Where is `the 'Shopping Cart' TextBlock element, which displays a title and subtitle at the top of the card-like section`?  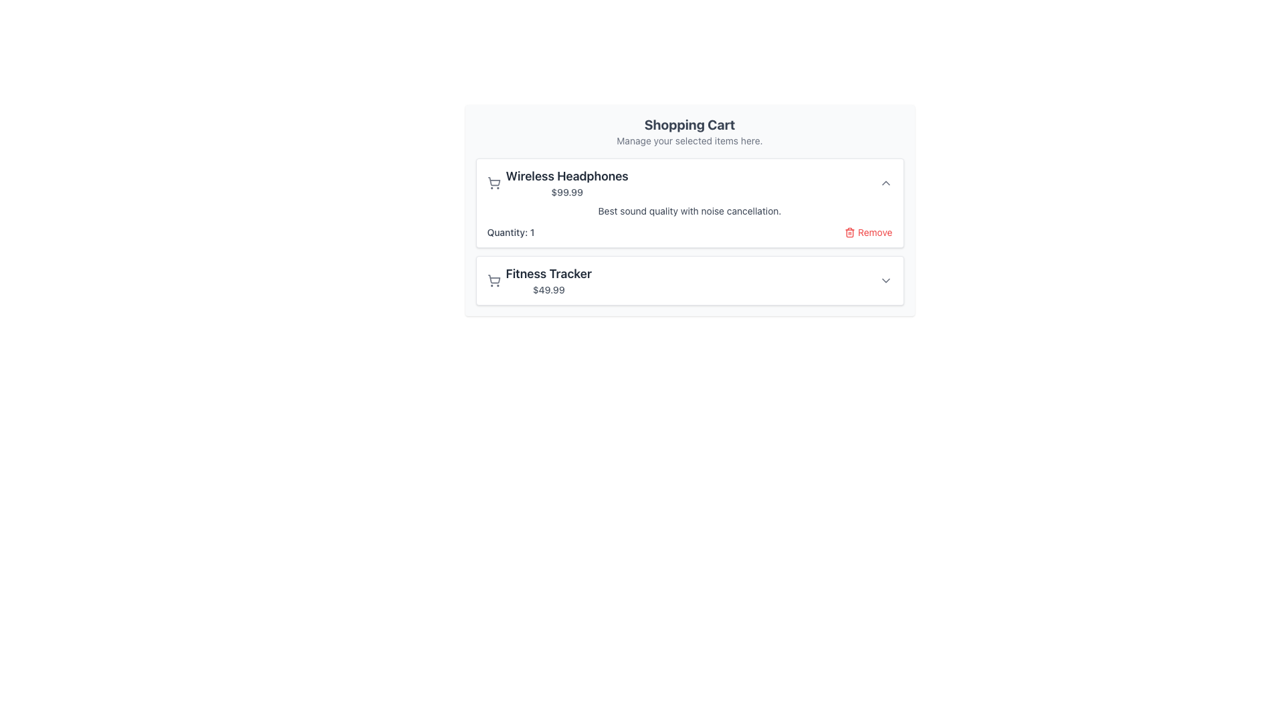
the 'Shopping Cart' TextBlock element, which displays a title and subtitle at the top of the card-like section is located at coordinates (689, 131).